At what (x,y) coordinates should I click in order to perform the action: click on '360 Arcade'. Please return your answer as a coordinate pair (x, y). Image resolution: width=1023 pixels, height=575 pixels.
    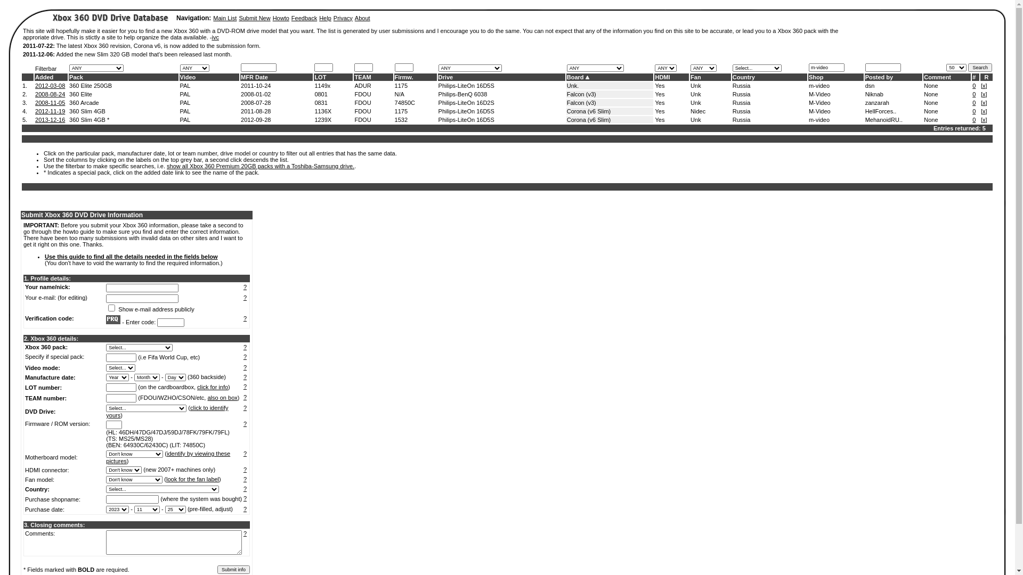
    Looking at the image, I should click on (84, 102).